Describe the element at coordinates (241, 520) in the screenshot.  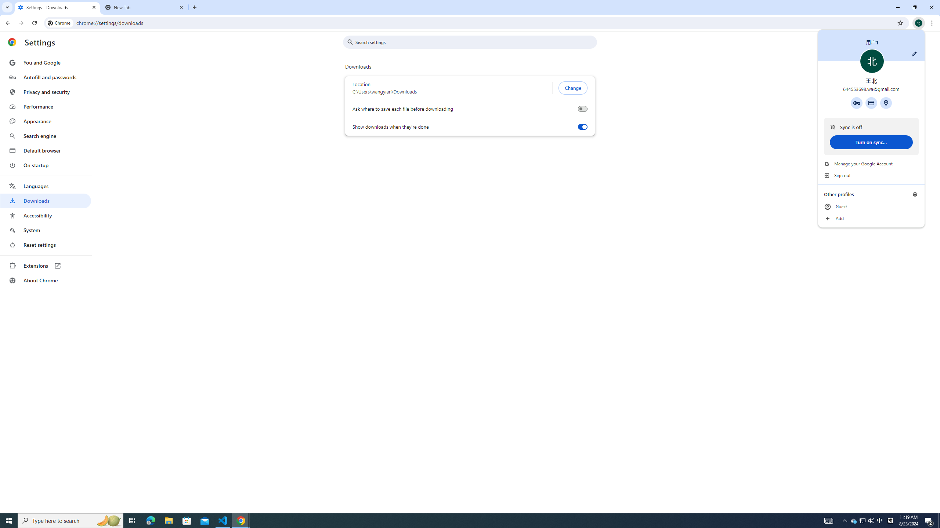
I see `'Google Chrome - 2 running windows'` at that location.